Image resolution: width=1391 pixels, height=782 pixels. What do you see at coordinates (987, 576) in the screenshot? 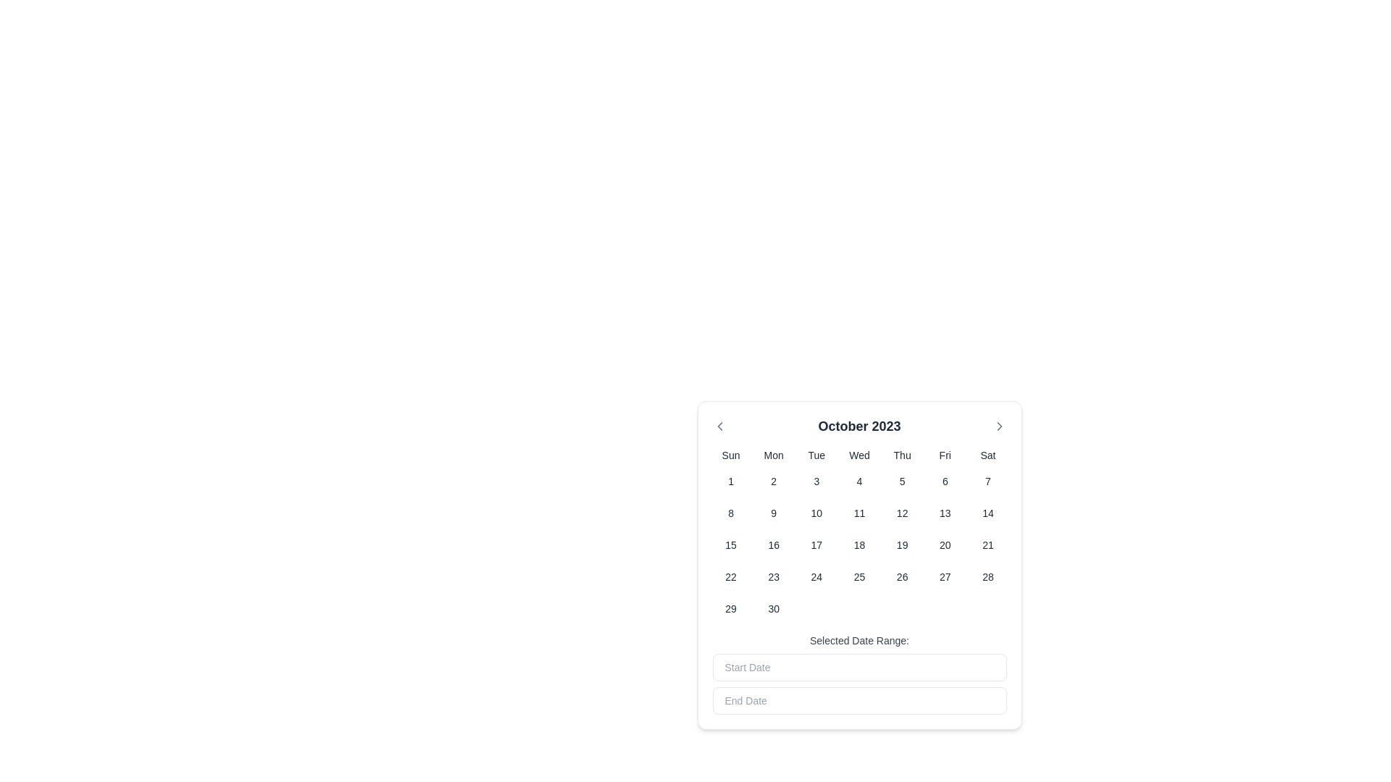
I see `the Clickable day cell representing October 28th in the calendar grid` at bounding box center [987, 576].